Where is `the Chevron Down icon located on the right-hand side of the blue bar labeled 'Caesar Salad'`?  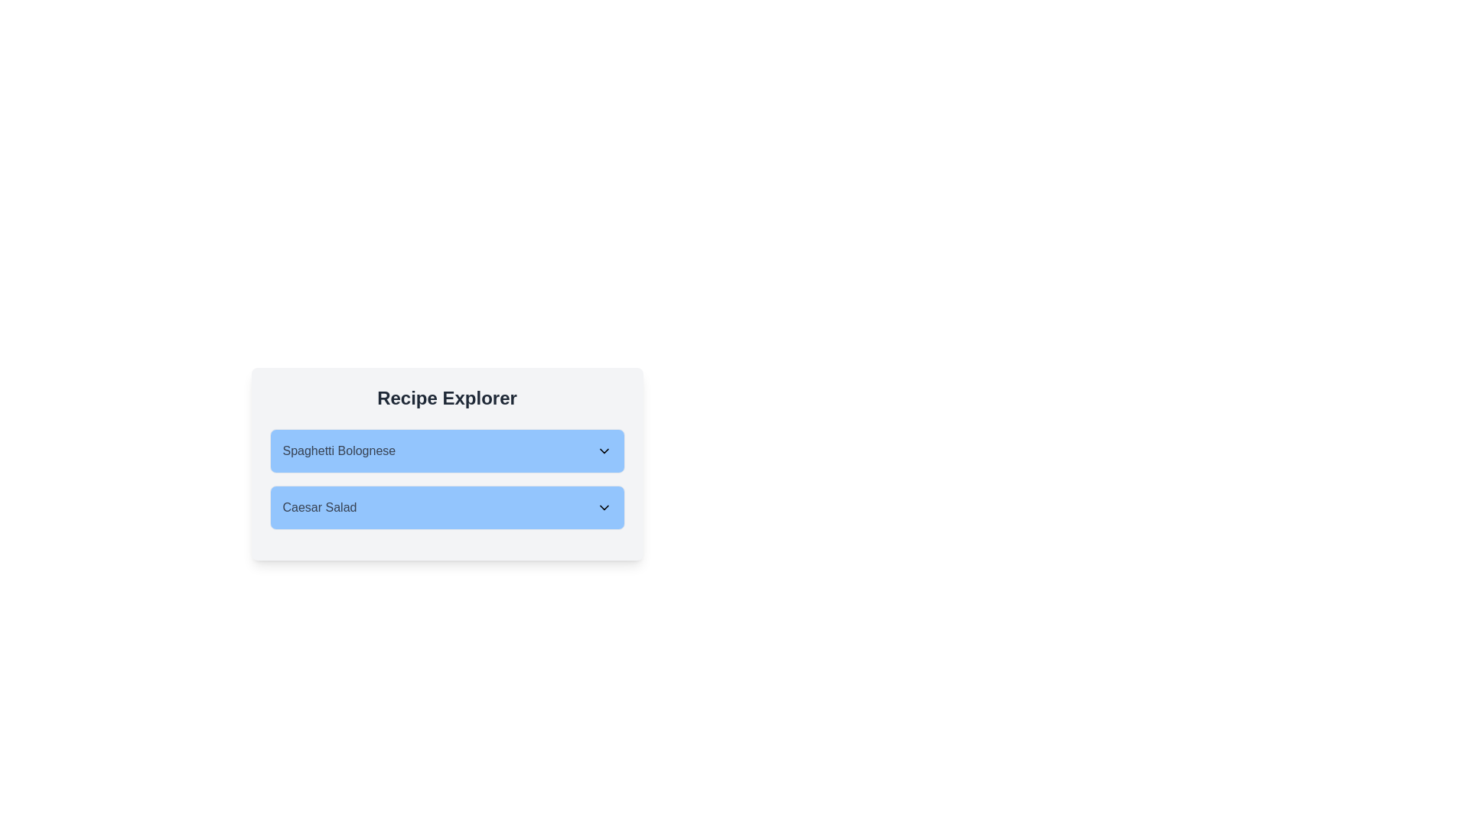 the Chevron Down icon located on the right-hand side of the blue bar labeled 'Caesar Salad' is located at coordinates (603, 507).